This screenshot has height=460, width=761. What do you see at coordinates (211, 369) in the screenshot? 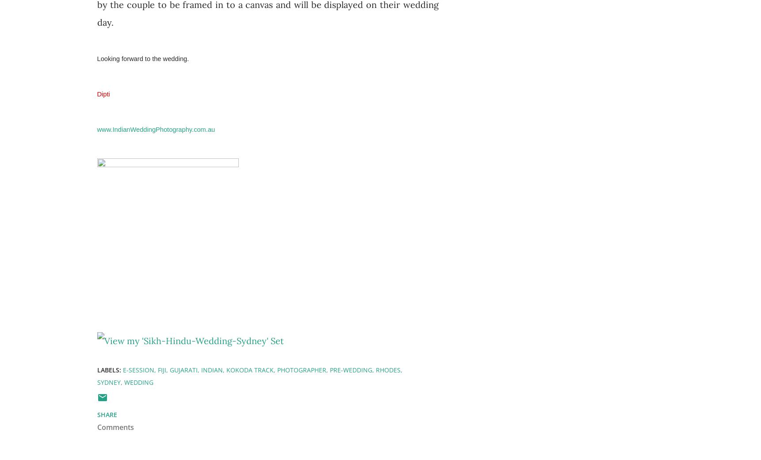
I see `'indian'` at bounding box center [211, 369].